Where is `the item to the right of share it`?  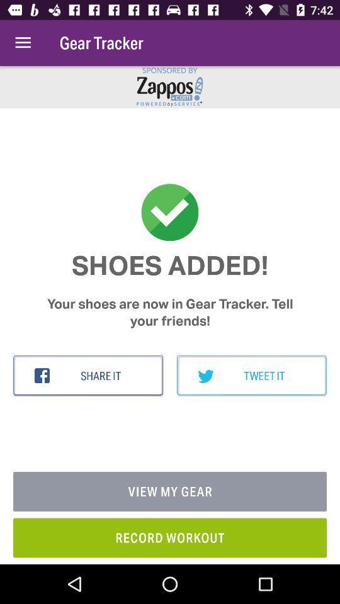
the item to the right of share it is located at coordinates (251, 376).